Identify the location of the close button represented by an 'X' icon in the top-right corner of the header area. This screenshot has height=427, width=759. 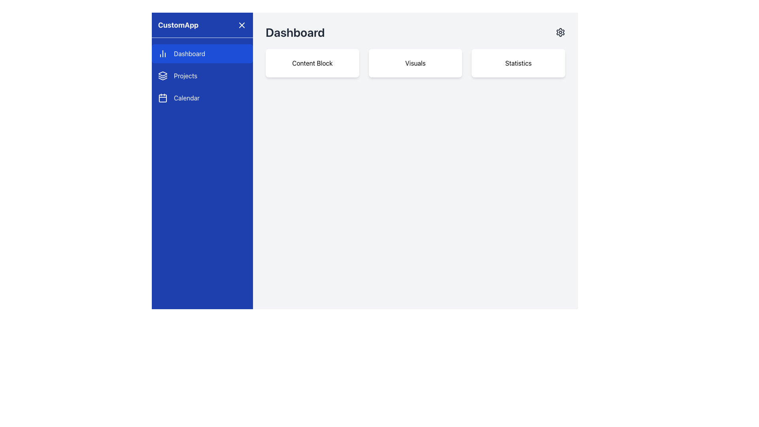
(241, 25).